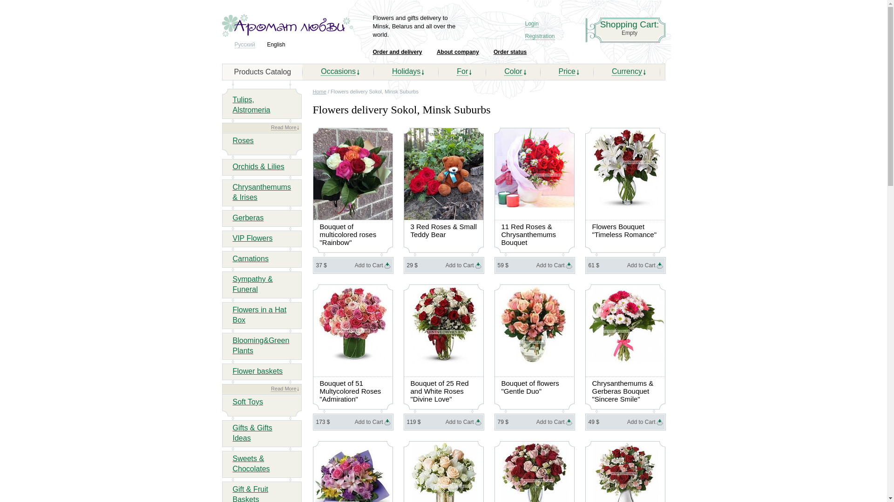  What do you see at coordinates (251, 258) in the screenshot?
I see `'Carnations'` at bounding box center [251, 258].